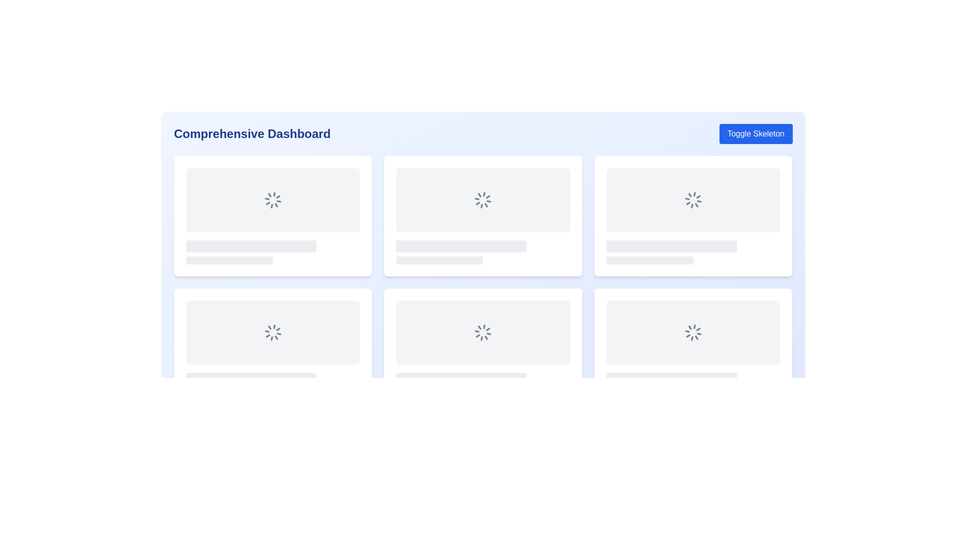 The height and width of the screenshot is (542, 964). Describe the element at coordinates (671, 246) in the screenshot. I see `the skeleton loader element, which is a rectangular bar with a rounded appearance and a light gray background, located in the top row of the third card from the left in the top-right section of the interface` at that location.